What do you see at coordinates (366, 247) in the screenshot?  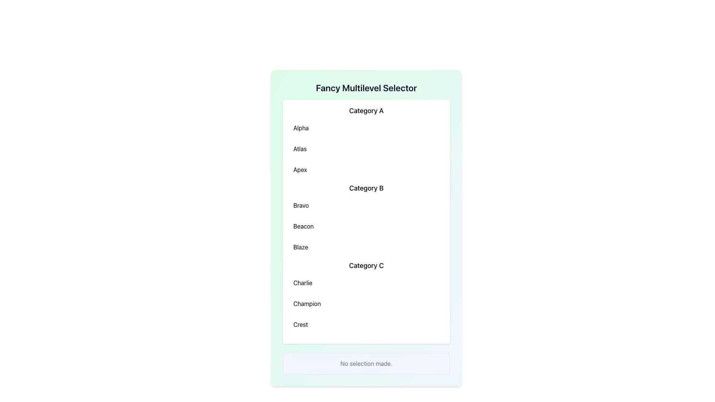 I see `the selectable list item labeled 'Blaze', which is the third item under 'Category B' in a vertical list` at bounding box center [366, 247].